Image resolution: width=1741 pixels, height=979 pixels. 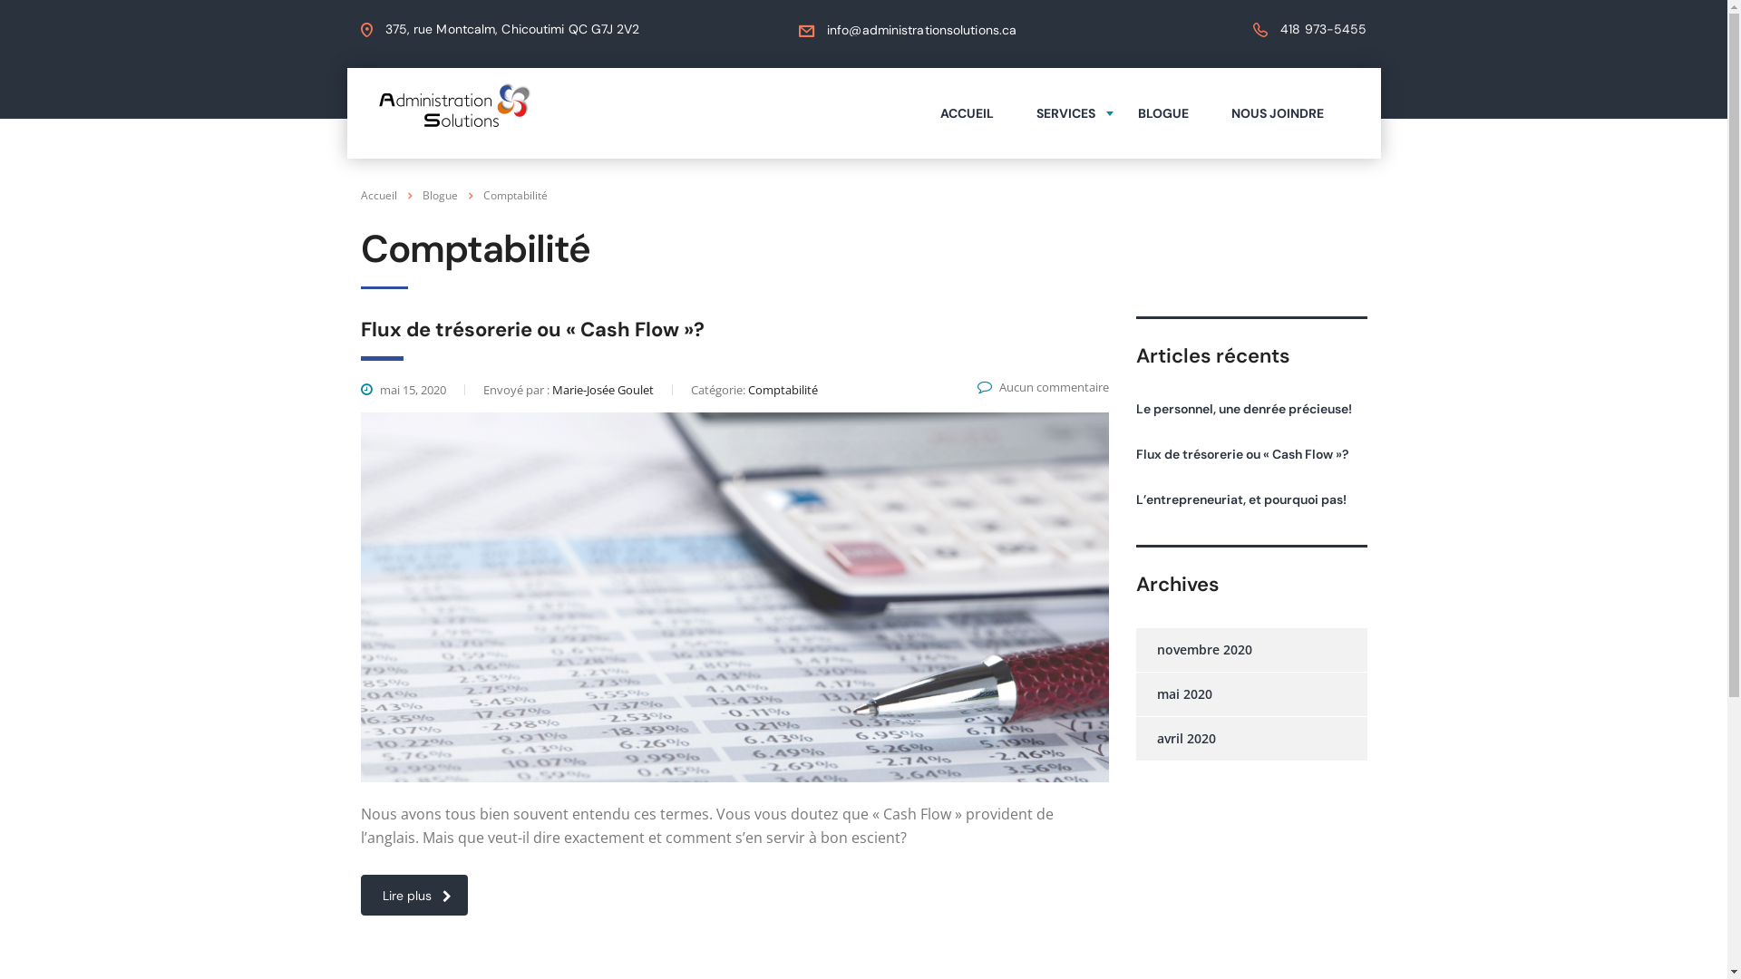 I want to click on 'mai 2020', so click(x=1173, y=693).